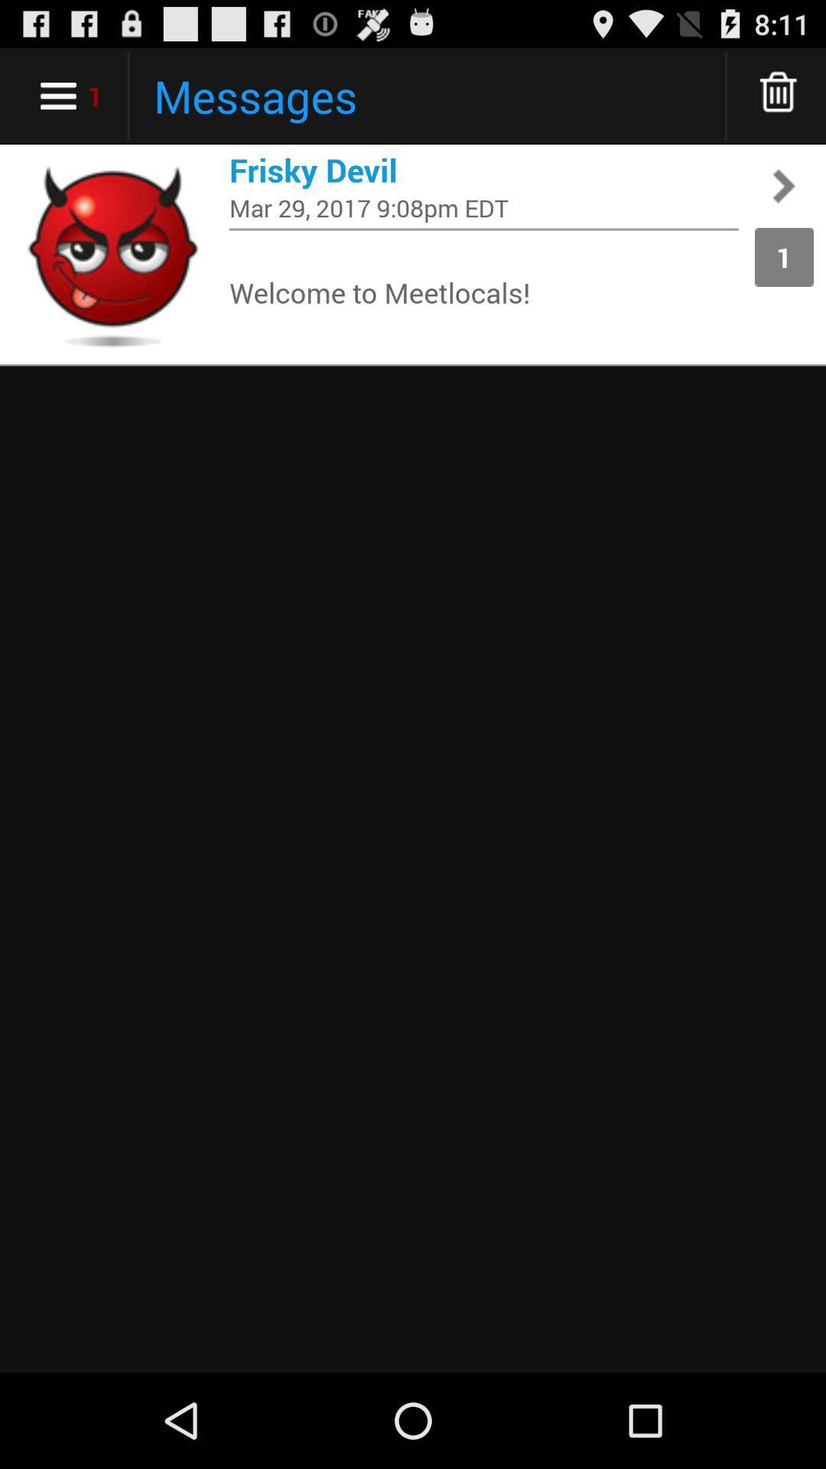 Image resolution: width=826 pixels, height=1469 pixels. What do you see at coordinates (779, 95) in the screenshot?
I see `the icon above the frisky devil` at bounding box center [779, 95].